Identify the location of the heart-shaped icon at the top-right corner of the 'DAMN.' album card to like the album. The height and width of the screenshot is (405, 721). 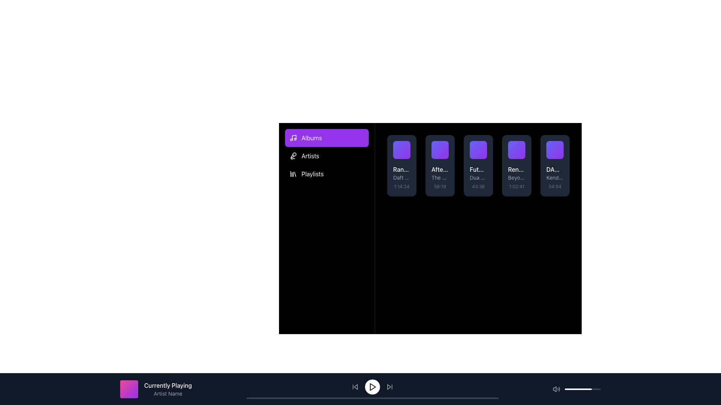
(559, 145).